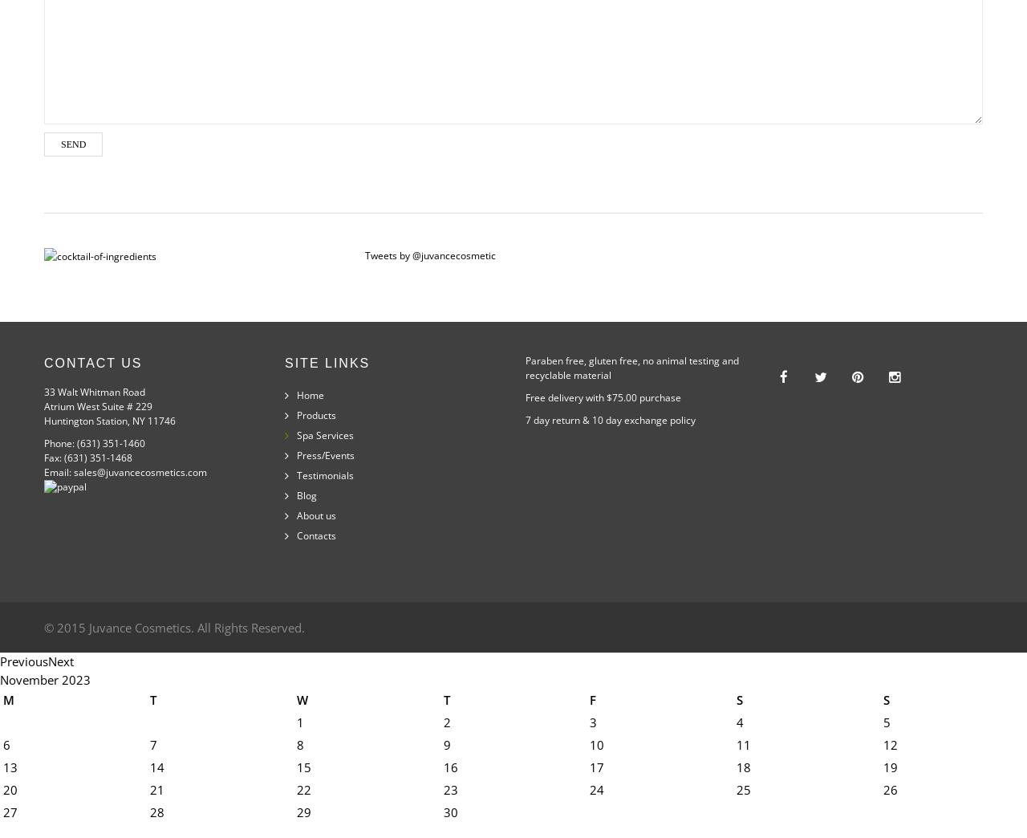 The width and height of the screenshot is (1027, 838). Describe the element at coordinates (324, 433) in the screenshot. I see `'Spa Services'` at that location.